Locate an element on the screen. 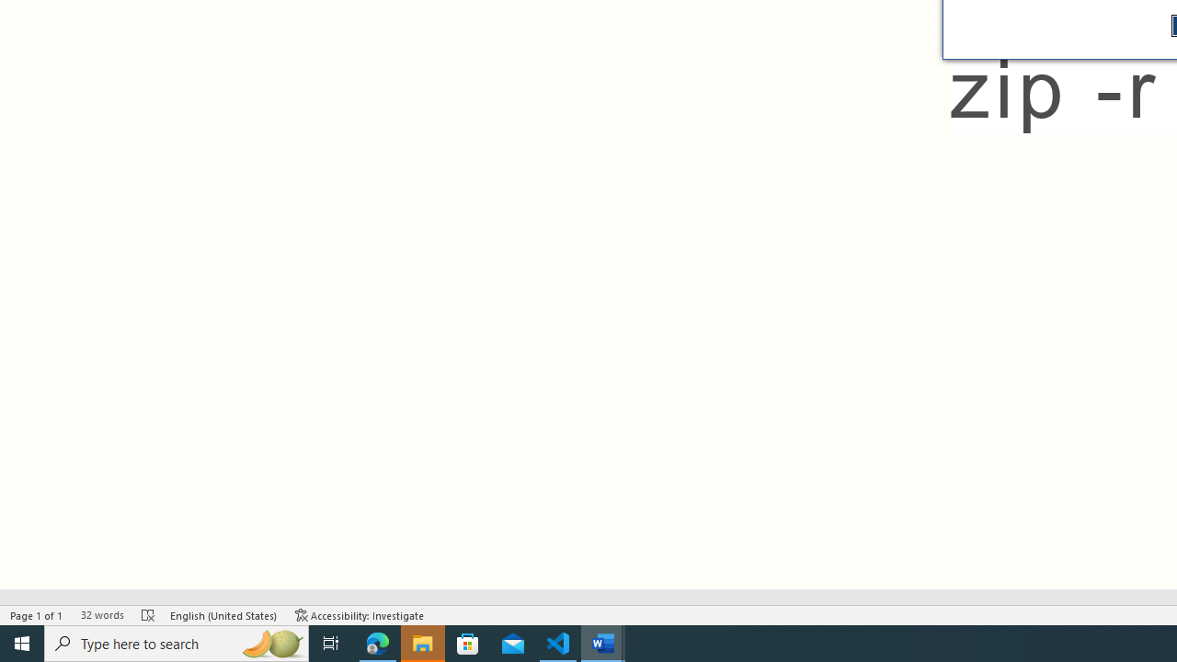  'Start' is located at coordinates (22, 642).